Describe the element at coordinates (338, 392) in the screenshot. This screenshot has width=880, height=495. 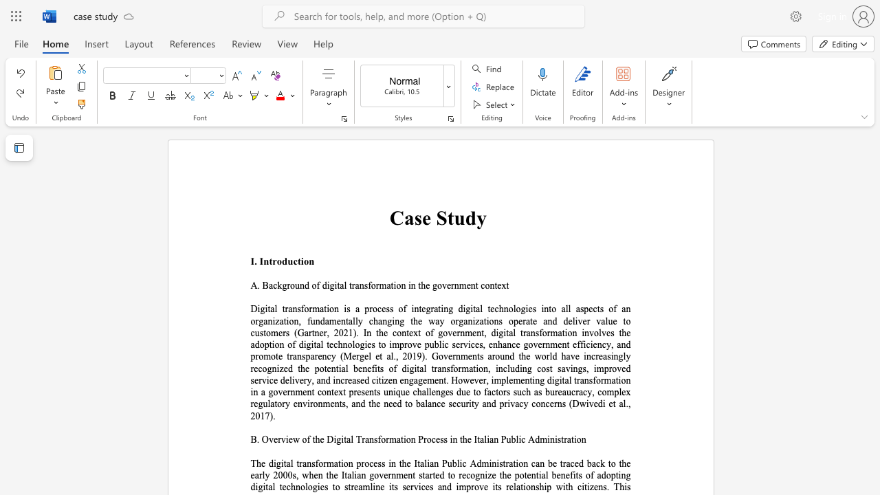
I see `the subset text "xt presents unique challenges due to factors such as bu" within the text "sformation, including cost savings, improved service delivery, and increased citizen engagement. However, implementing digital transformation in a government context presents unique challenges due to factors such as bureaucracy, complex regulatory environments, and the need to balance security and privacy concerns (Dwivedi et al., 2017)."` at that location.